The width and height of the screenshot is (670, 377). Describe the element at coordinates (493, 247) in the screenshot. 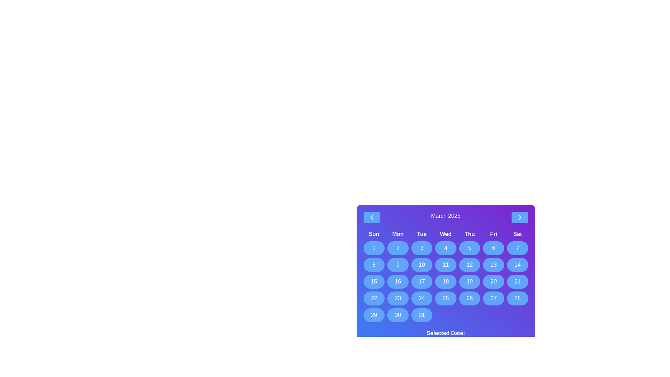

I see `the blue circular button with a white '6' in it, which represents Friday the 6th in the calendar layout, to change its background color` at that location.